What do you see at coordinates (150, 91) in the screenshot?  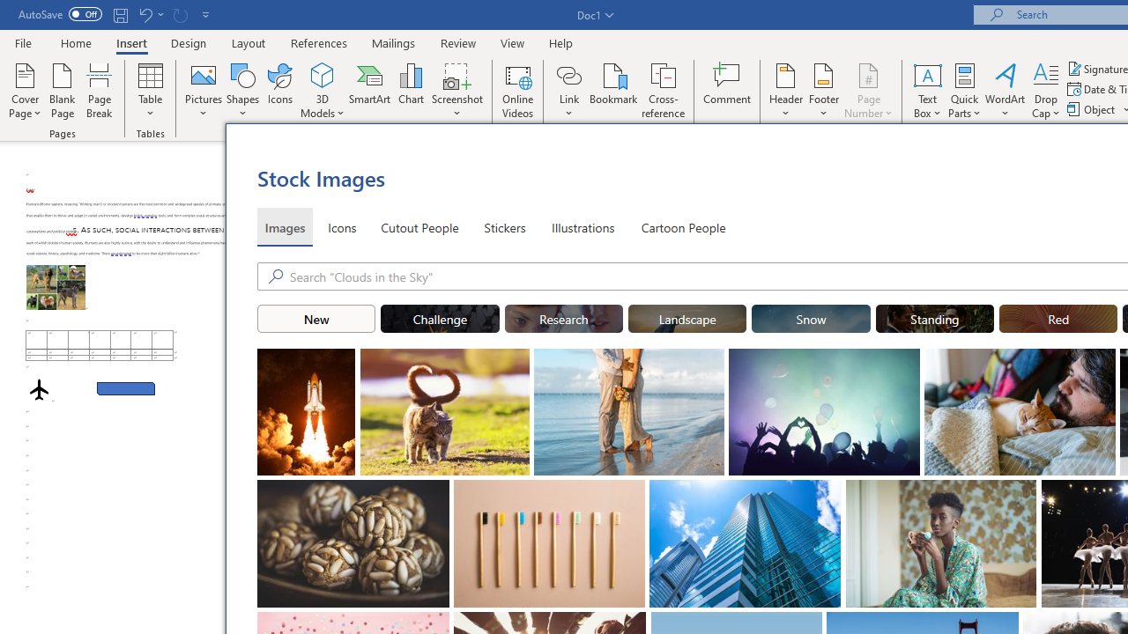 I see `'Table'` at bounding box center [150, 91].